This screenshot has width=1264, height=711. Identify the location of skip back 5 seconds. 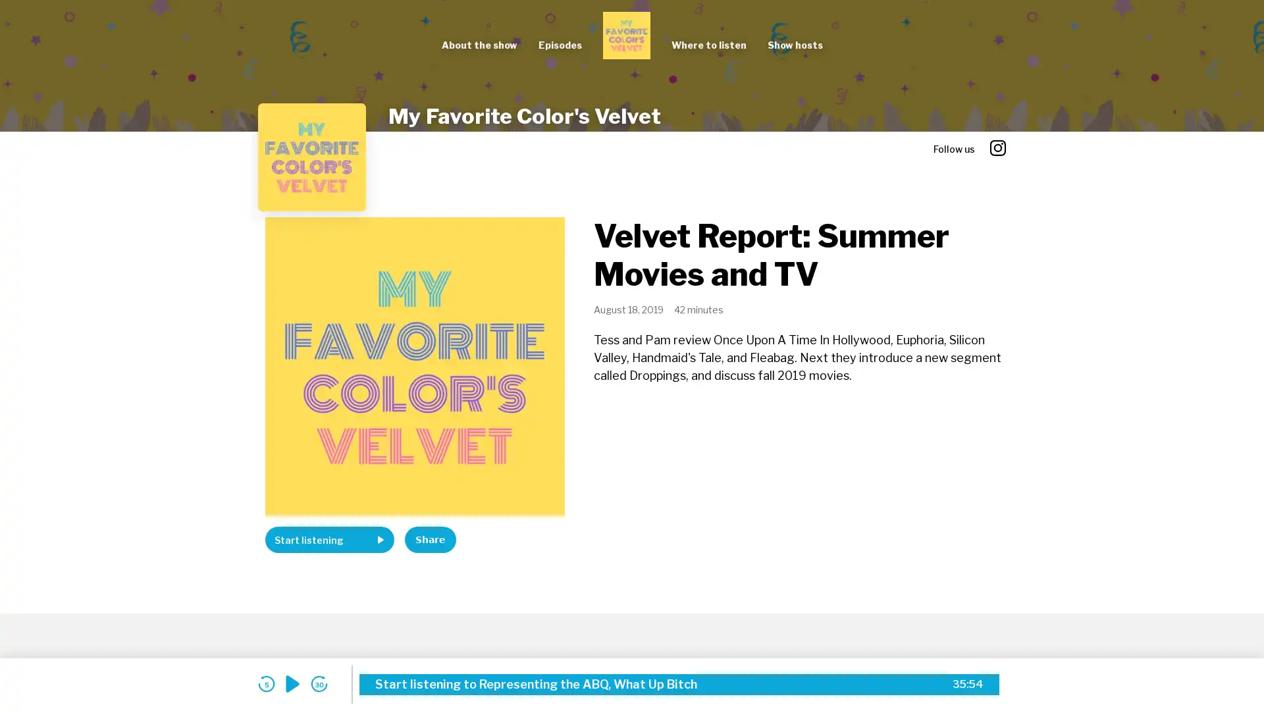
(265, 683).